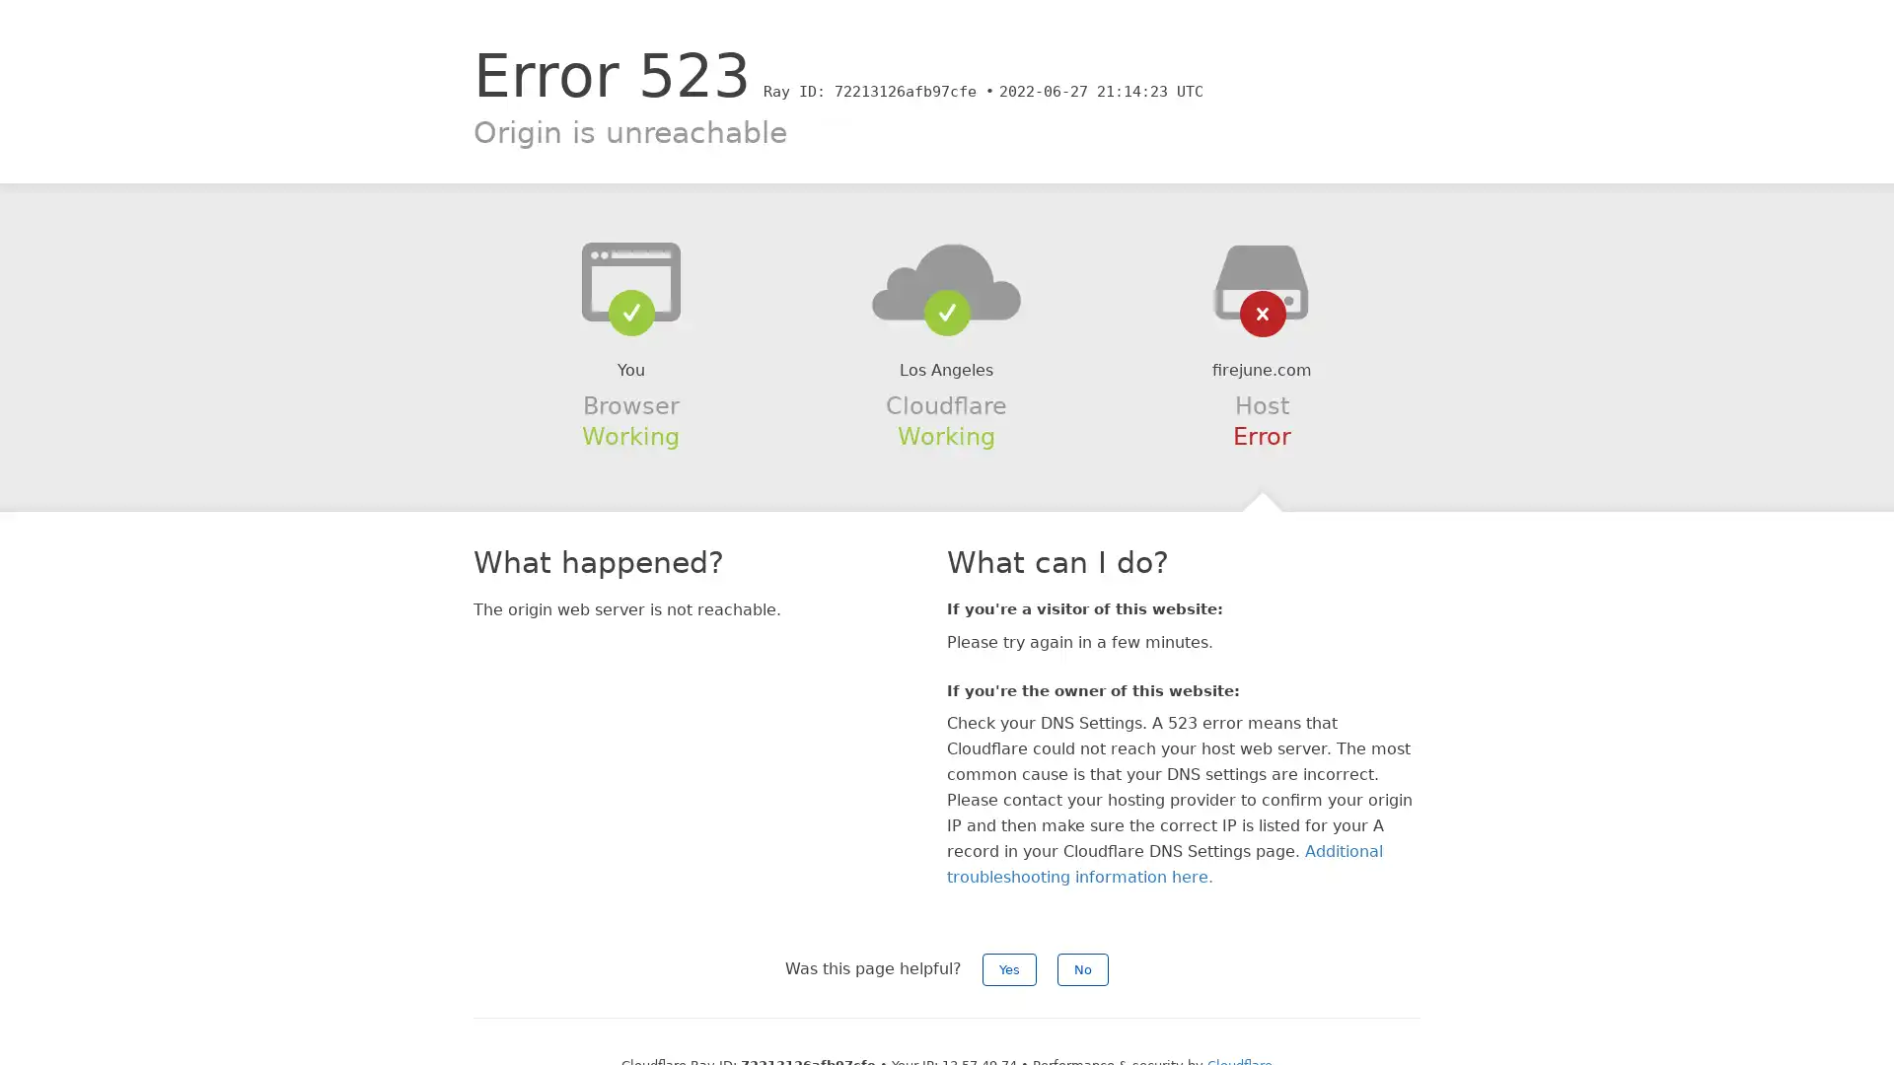 The image size is (1894, 1065). I want to click on Yes, so click(1009, 968).